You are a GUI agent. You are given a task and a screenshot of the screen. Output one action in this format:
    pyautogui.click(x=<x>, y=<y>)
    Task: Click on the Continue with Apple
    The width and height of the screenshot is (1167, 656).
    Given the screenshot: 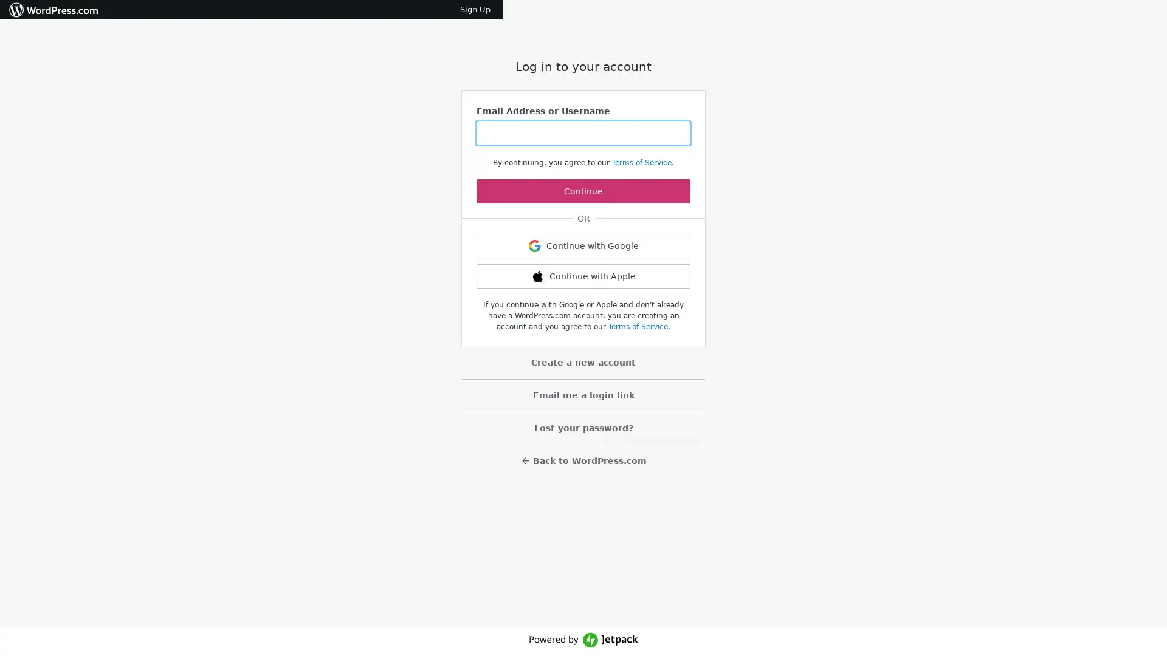 What is the action you would take?
    pyautogui.click(x=583, y=276)
    